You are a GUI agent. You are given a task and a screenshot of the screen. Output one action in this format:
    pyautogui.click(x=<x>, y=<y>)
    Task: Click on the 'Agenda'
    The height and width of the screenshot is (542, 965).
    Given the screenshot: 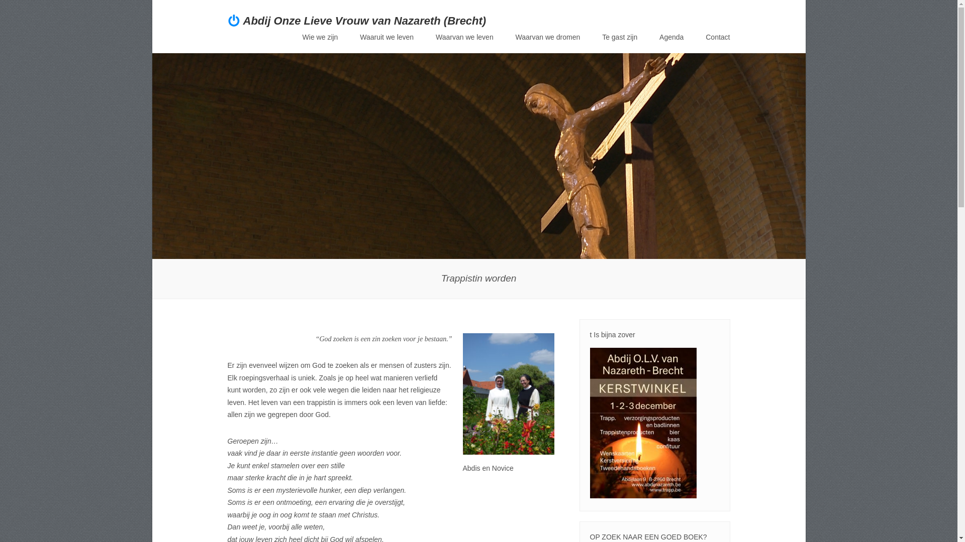 What is the action you would take?
    pyautogui.click(x=659, y=36)
    